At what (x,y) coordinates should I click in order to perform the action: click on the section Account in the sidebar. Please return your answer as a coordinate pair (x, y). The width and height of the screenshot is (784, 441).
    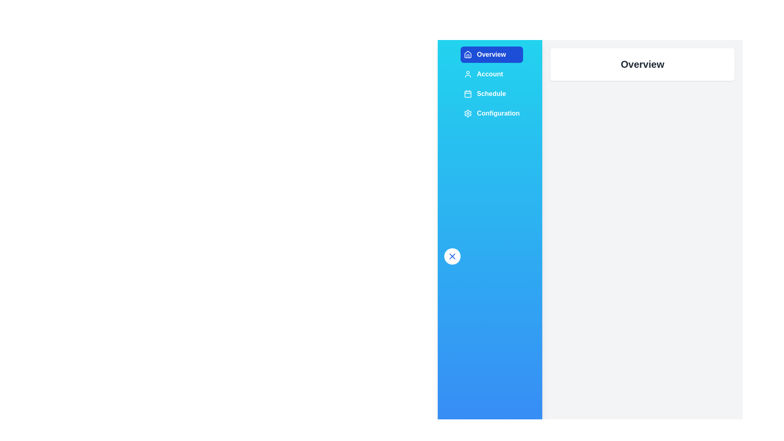
    Looking at the image, I should click on (491, 74).